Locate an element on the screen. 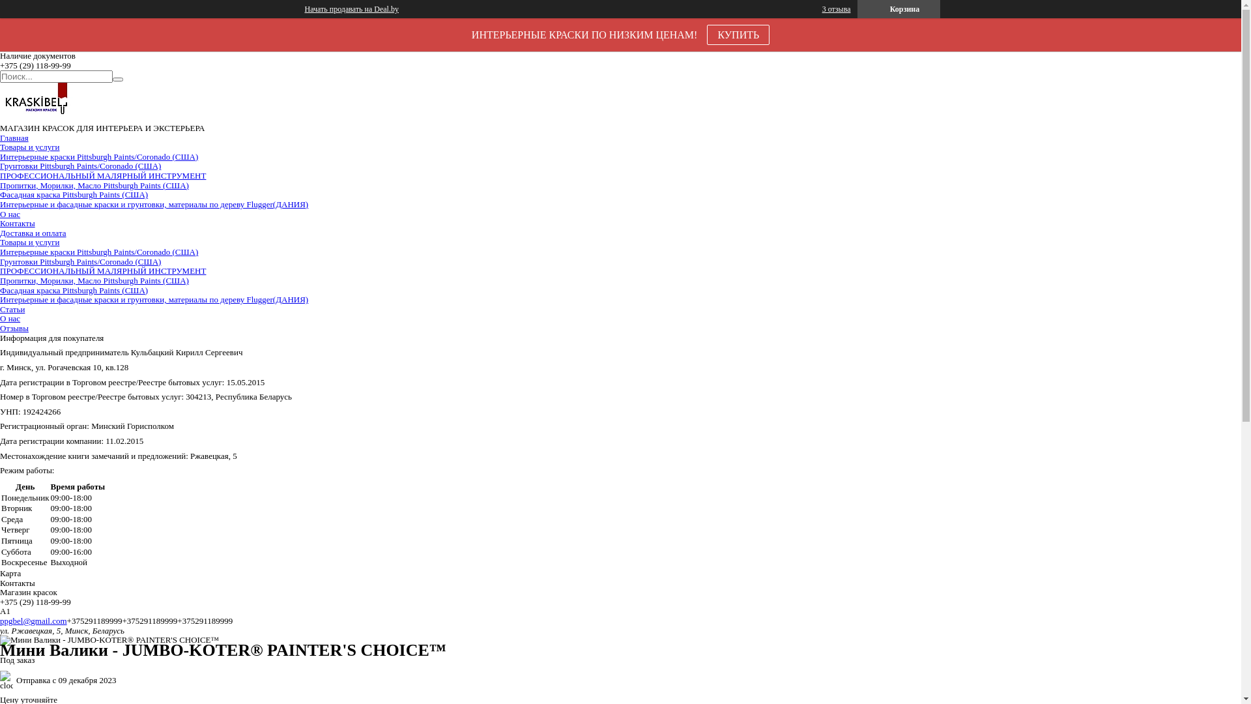 Image resolution: width=1251 pixels, height=704 pixels. 'ppgbel@gmail.com' is located at coordinates (33, 620).